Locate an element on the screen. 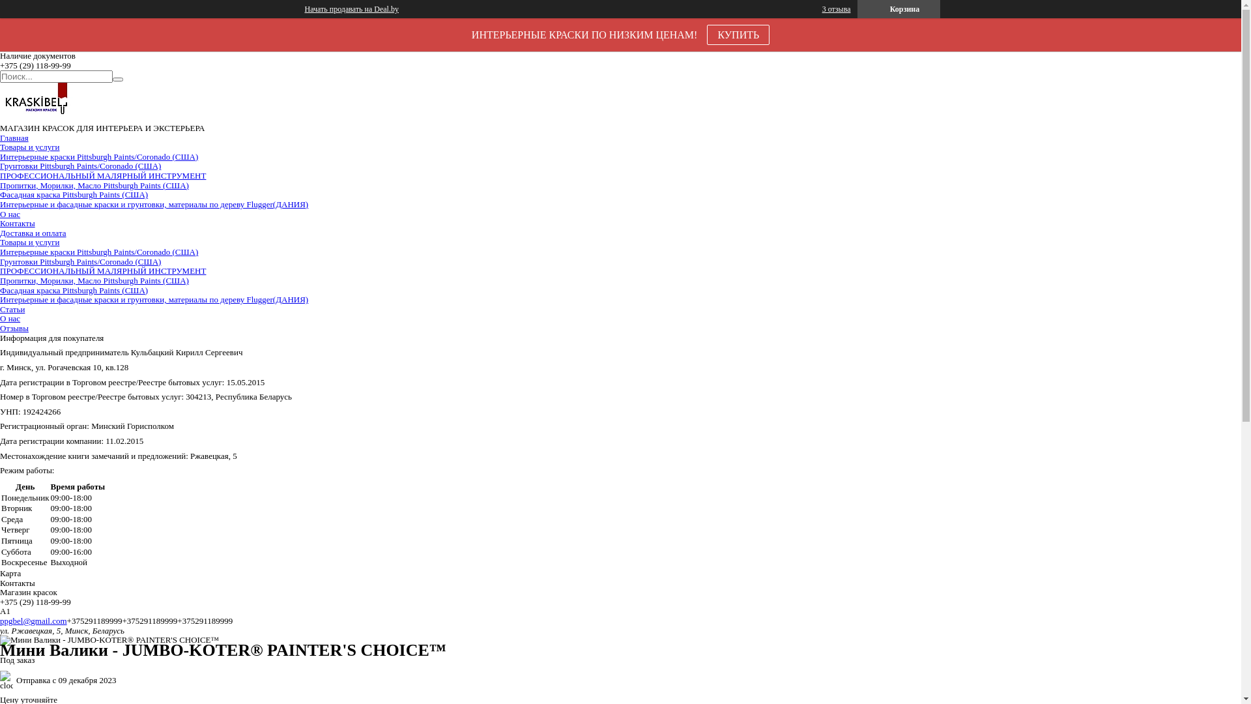 Image resolution: width=1251 pixels, height=704 pixels. 'ppgbel@gmail.com' is located at coordinates (33, 620).